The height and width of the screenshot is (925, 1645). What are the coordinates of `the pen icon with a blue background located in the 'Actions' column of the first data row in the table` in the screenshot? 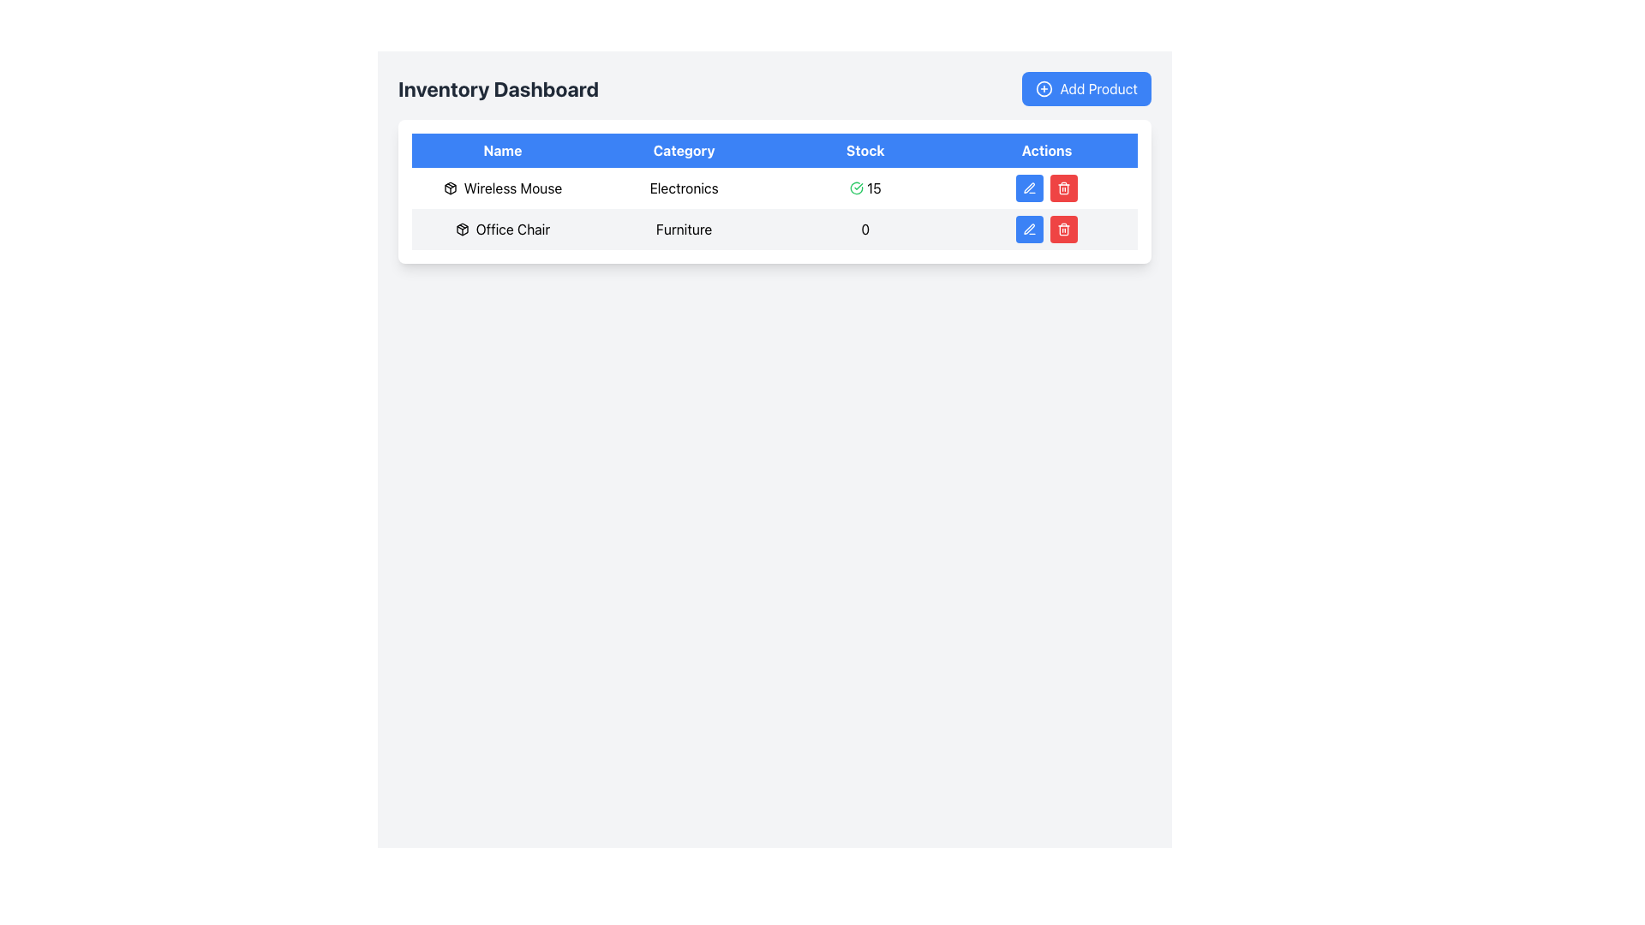 It's located at (1029, 188).